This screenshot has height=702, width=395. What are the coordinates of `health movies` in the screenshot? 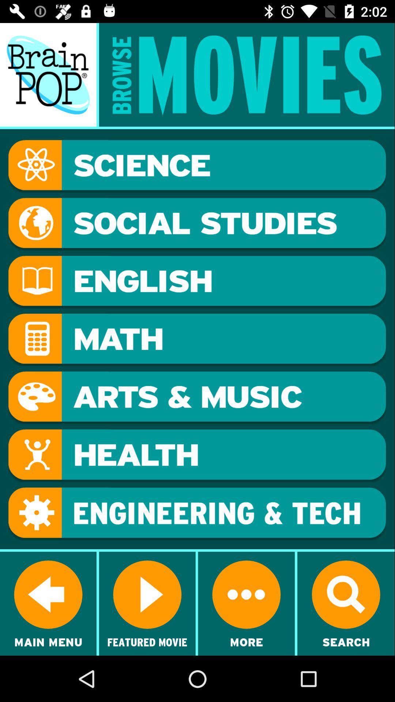 It's located at (197, 455).